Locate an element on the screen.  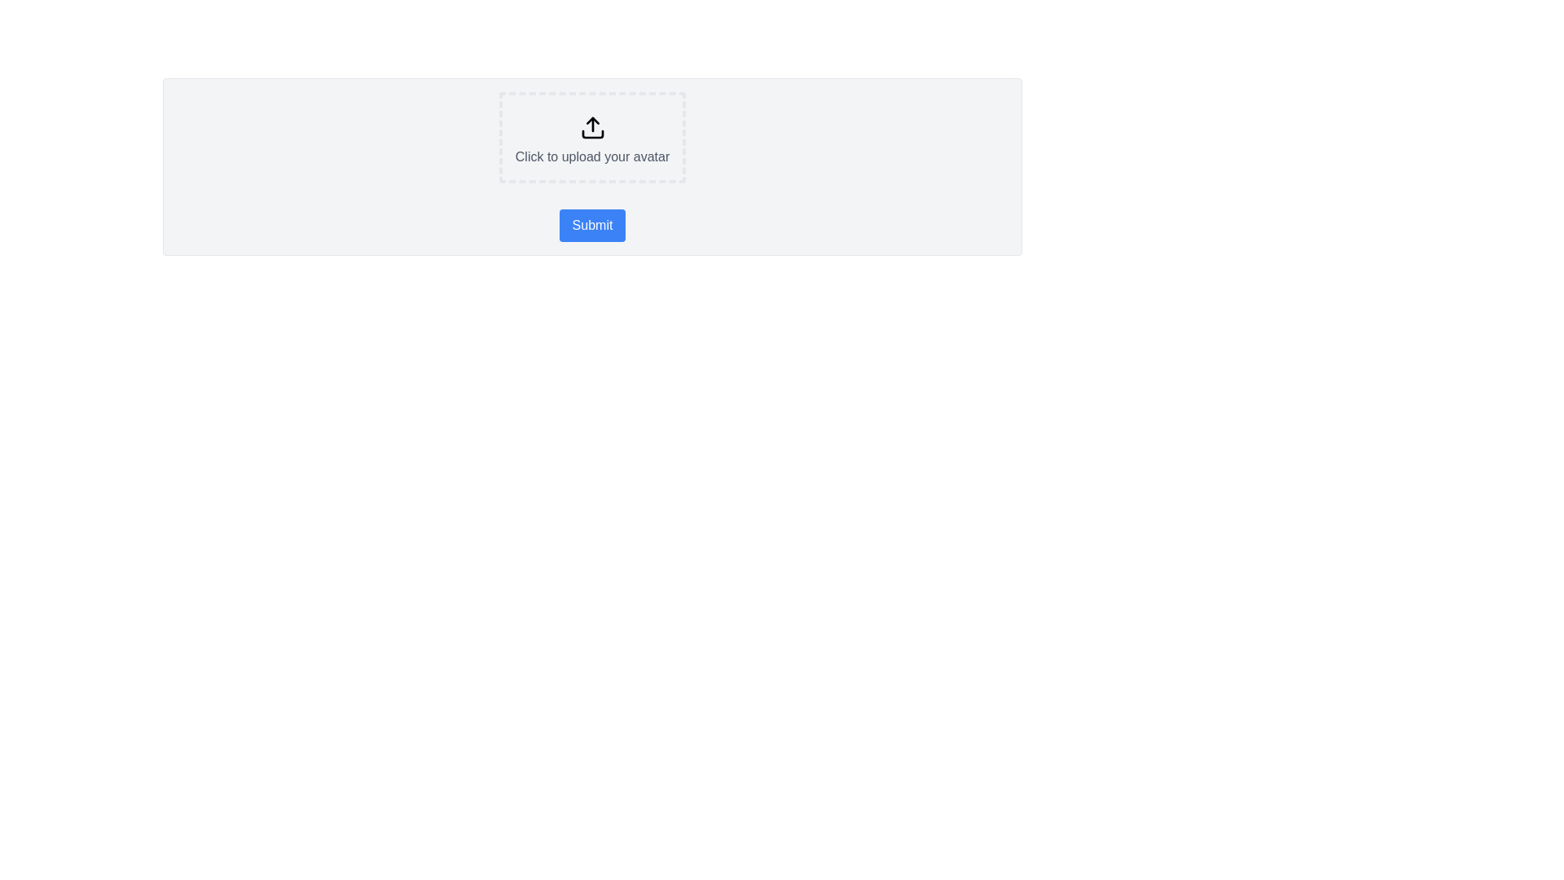
the interactive upload button located in the grayish rectangular section above the 'Submit' button is located at coordinates (591, 137).